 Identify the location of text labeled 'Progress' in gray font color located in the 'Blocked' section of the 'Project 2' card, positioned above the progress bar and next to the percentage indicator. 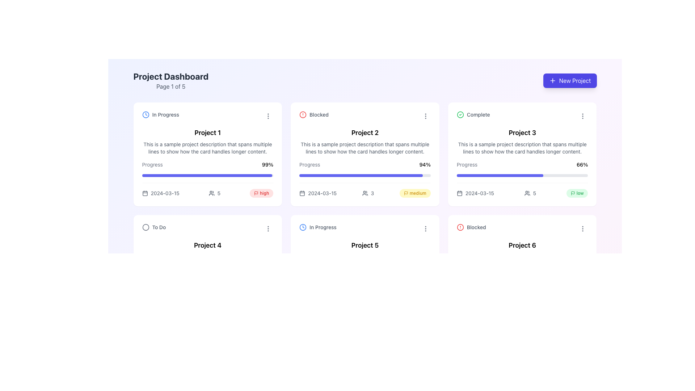
(309, 165).